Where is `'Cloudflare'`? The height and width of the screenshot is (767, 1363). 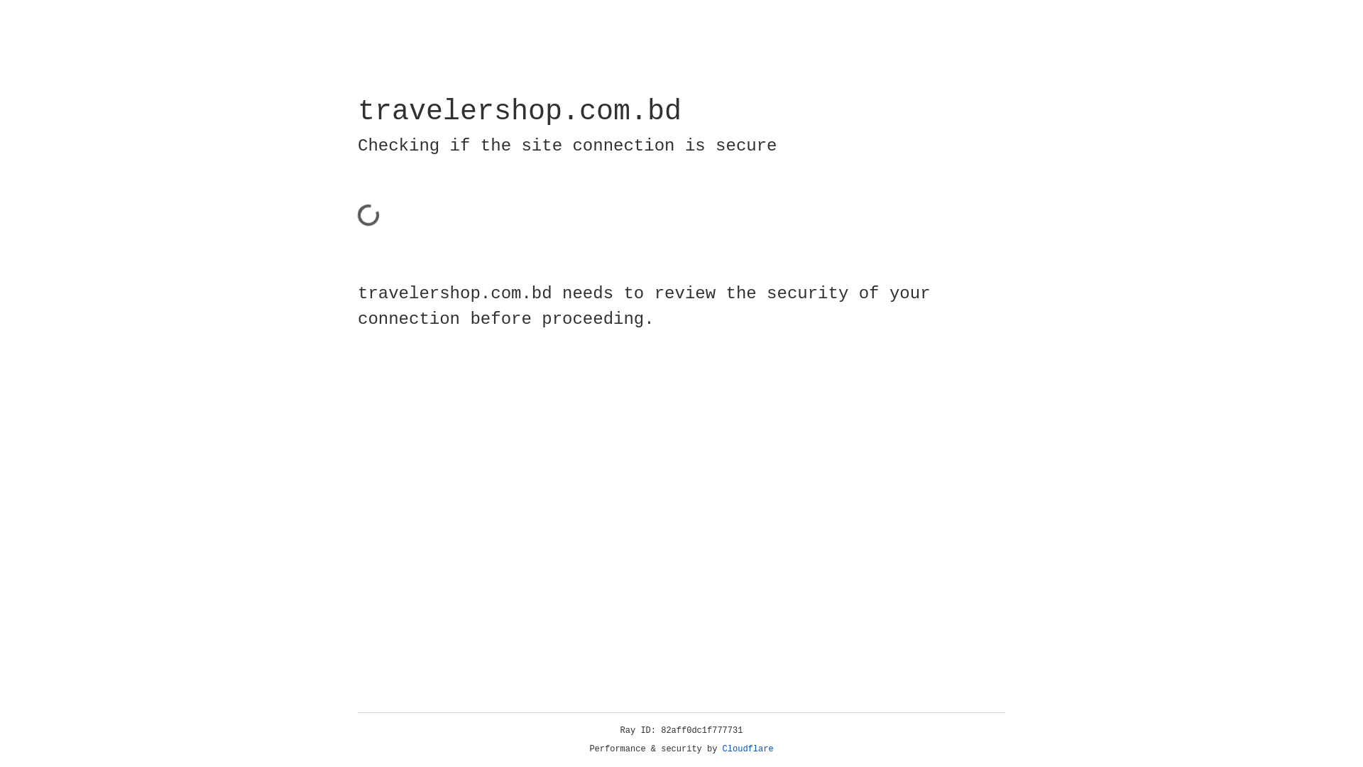 'Cloudflare' is located at coordinates (748, 749).